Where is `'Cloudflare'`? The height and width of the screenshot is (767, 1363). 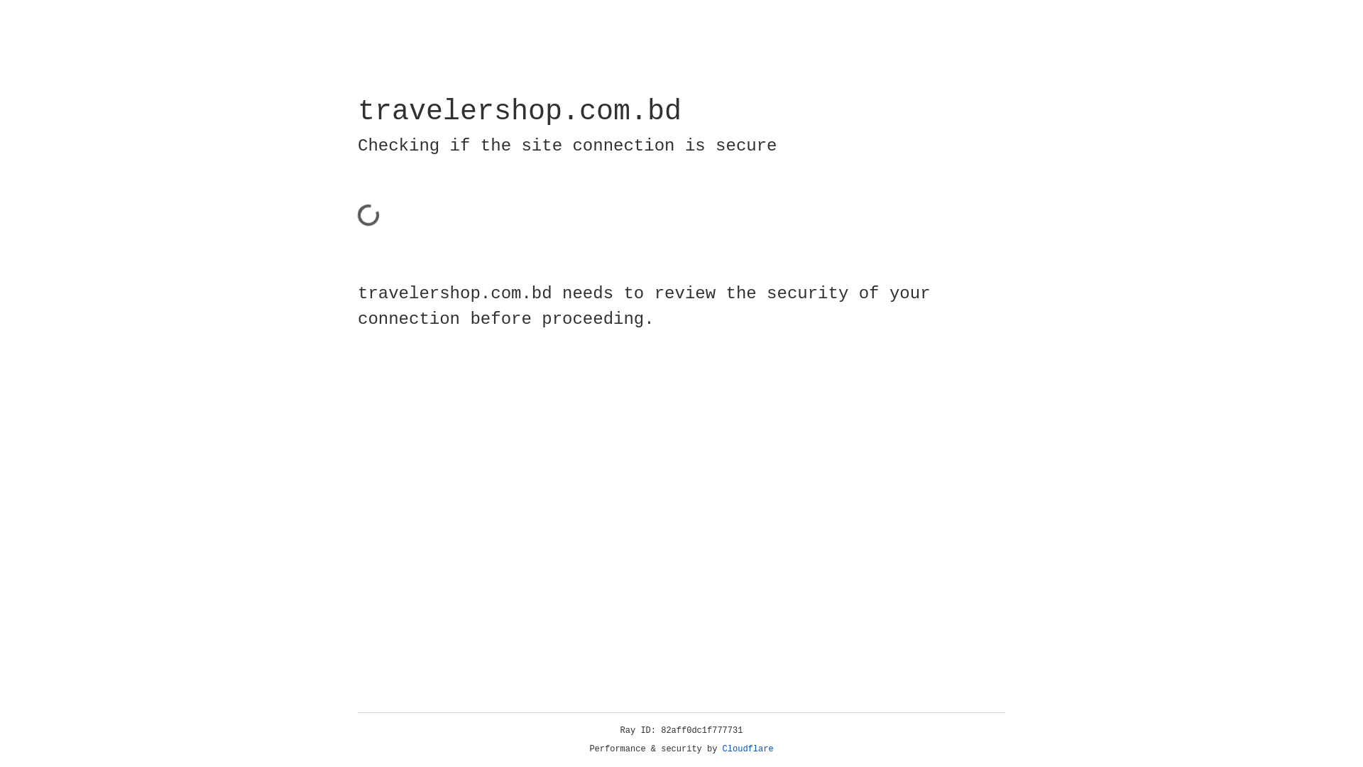 'Cloudflare' is located at coordinates (748, 749).